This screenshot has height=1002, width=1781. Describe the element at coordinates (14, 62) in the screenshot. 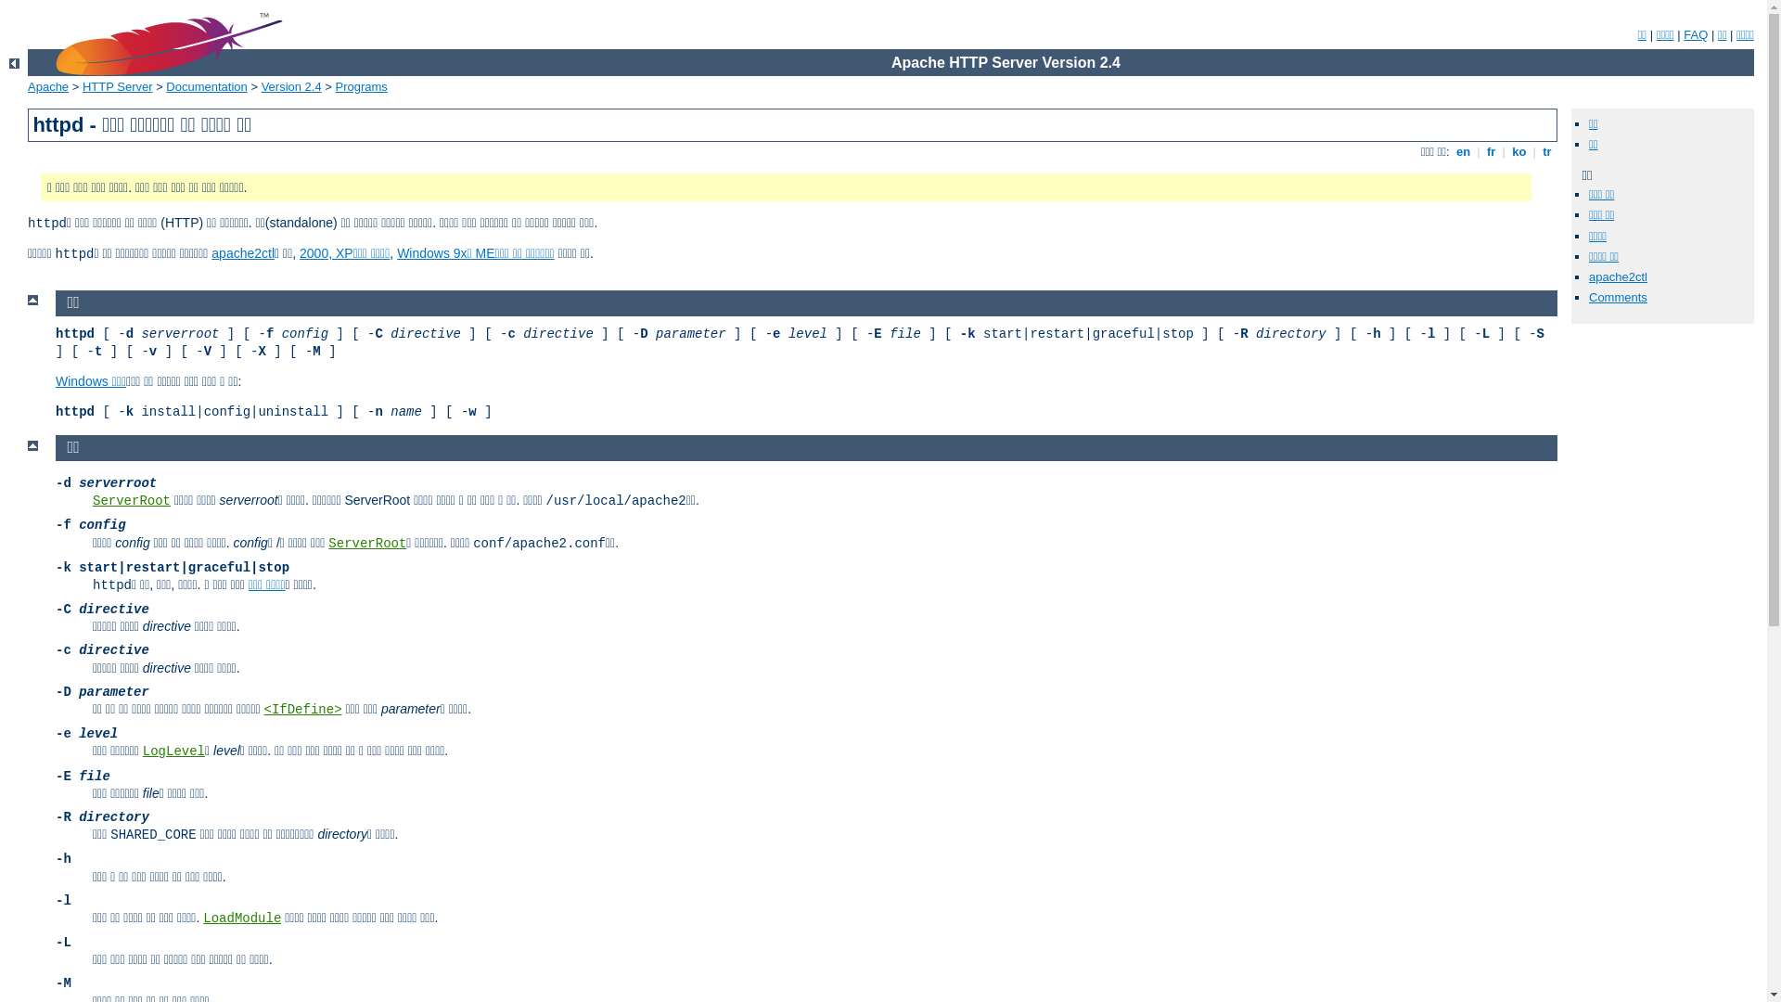

I see `'<-'` at that location.